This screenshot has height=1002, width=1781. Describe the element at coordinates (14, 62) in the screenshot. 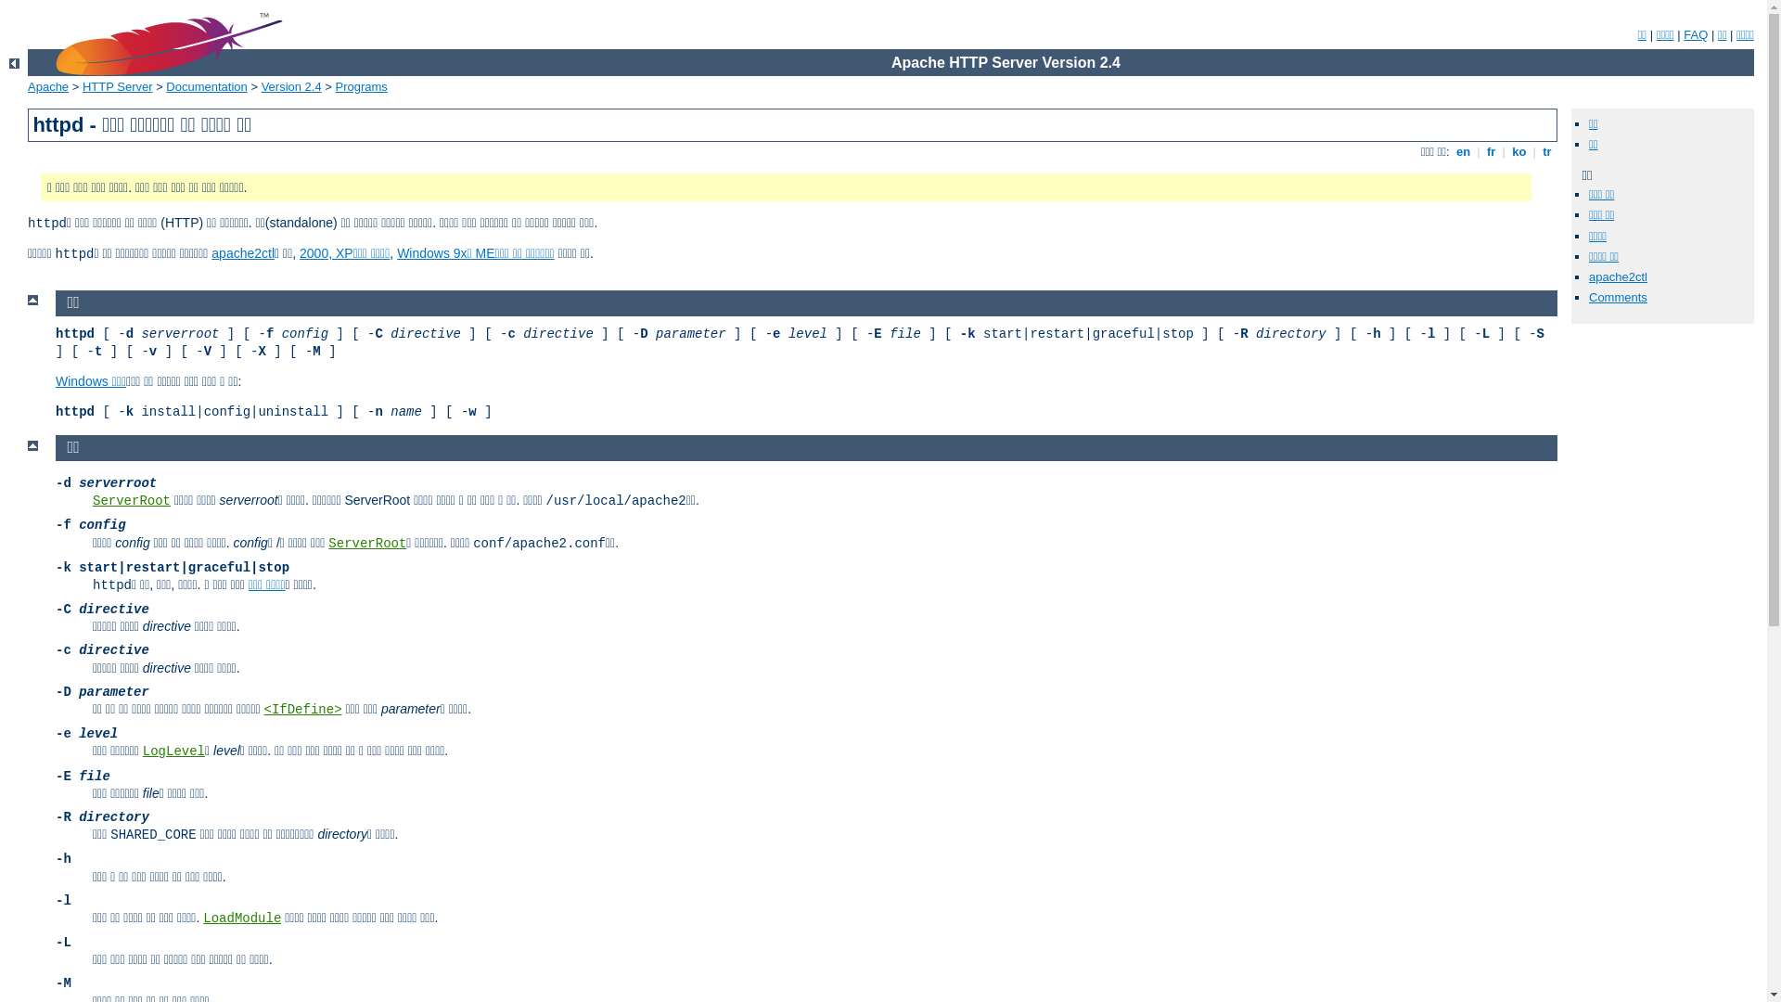

I see `'<-'` at that location.